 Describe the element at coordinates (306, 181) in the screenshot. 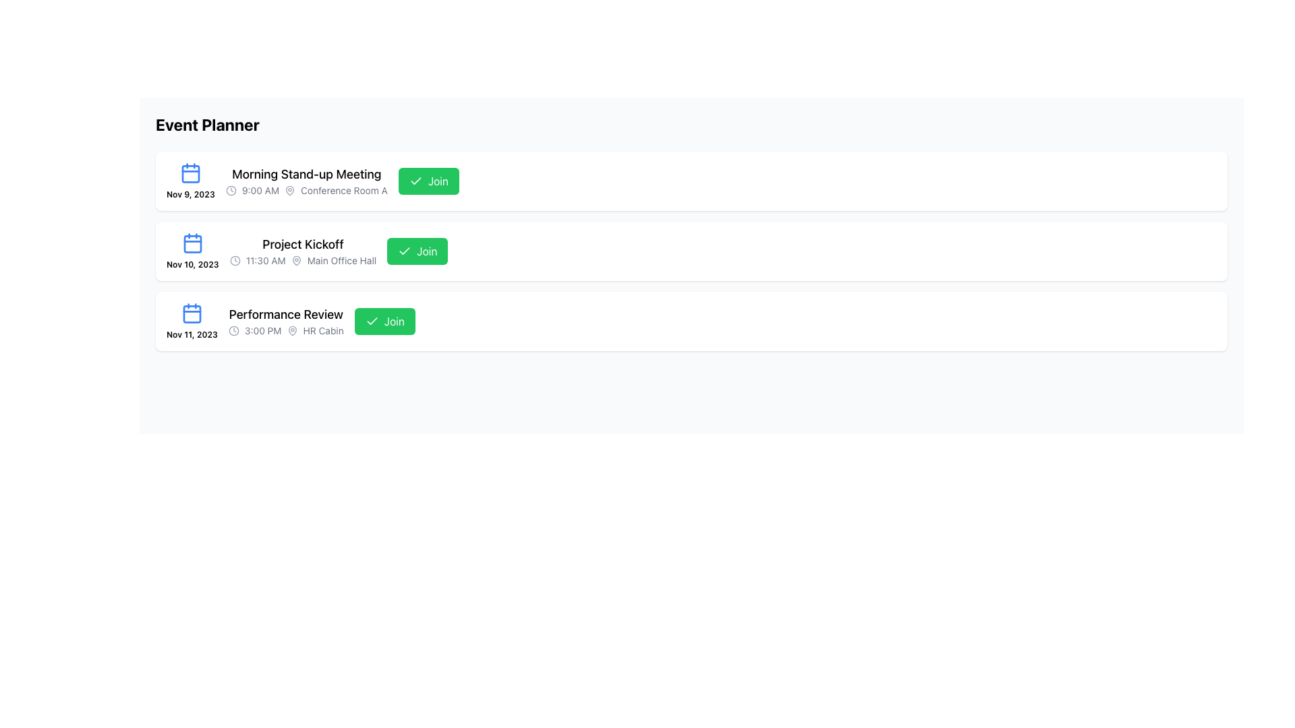

I see `the 'Morning Stand-up Meeting' event detail display panel` at that location.